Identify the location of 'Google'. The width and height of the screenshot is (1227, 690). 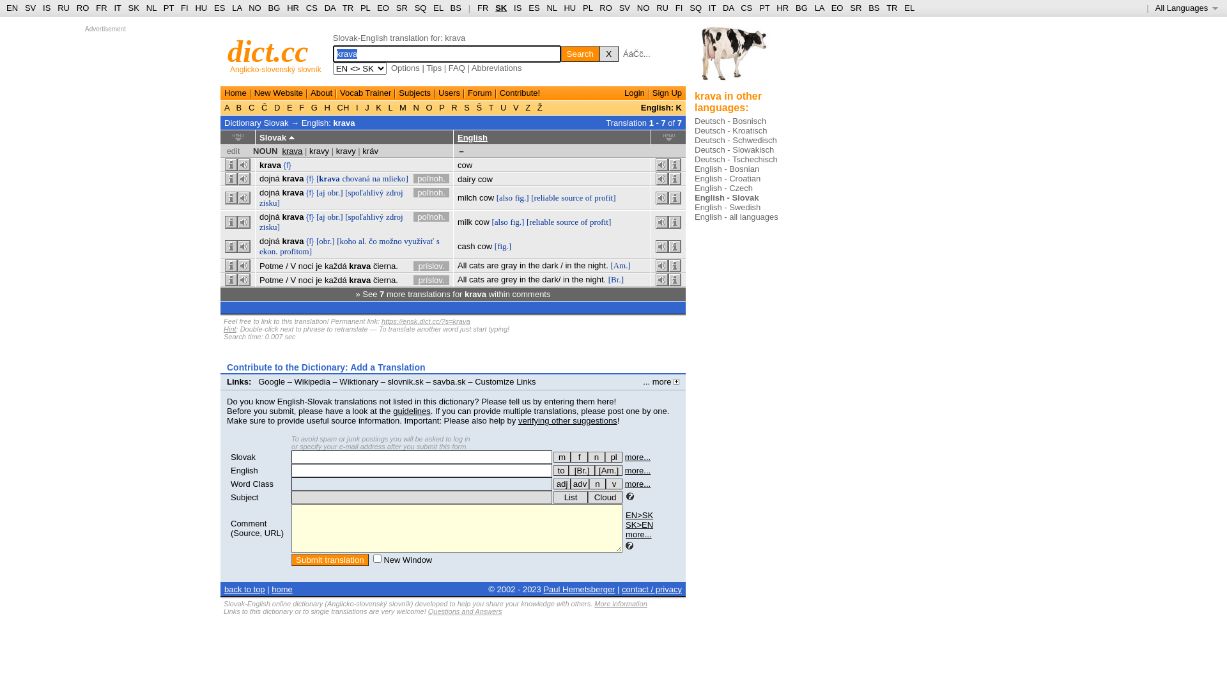
(257, 381).